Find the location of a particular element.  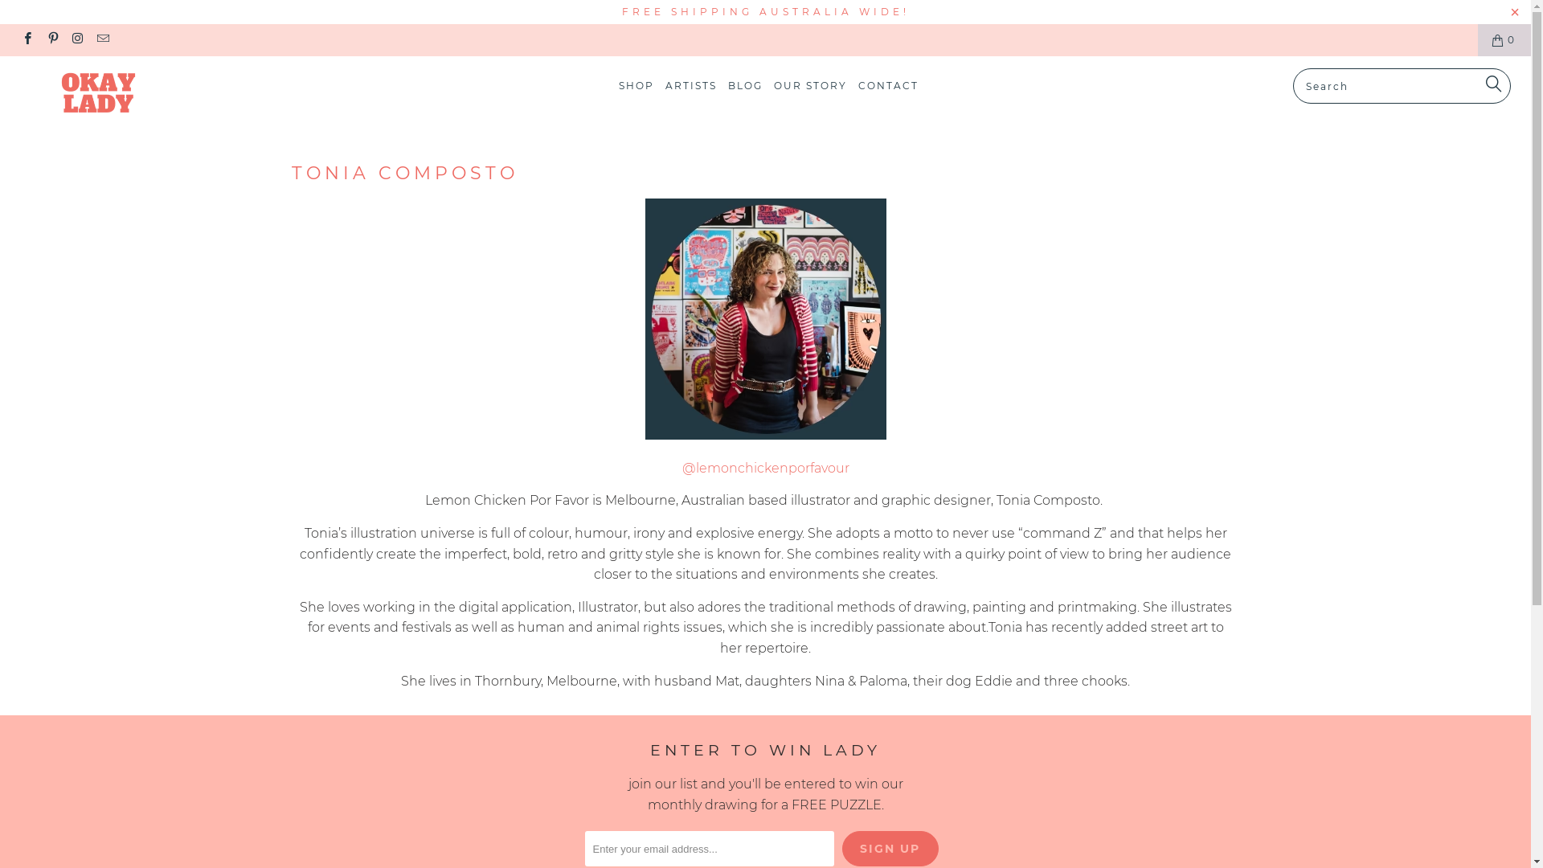

'BLOG' is located at coordinates (744, 86).